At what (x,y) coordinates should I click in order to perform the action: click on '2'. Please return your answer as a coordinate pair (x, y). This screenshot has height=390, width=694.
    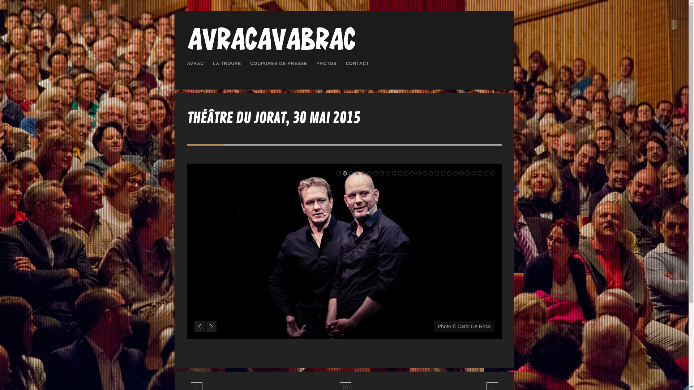
    Looking at the image, I should click on (344, 173).